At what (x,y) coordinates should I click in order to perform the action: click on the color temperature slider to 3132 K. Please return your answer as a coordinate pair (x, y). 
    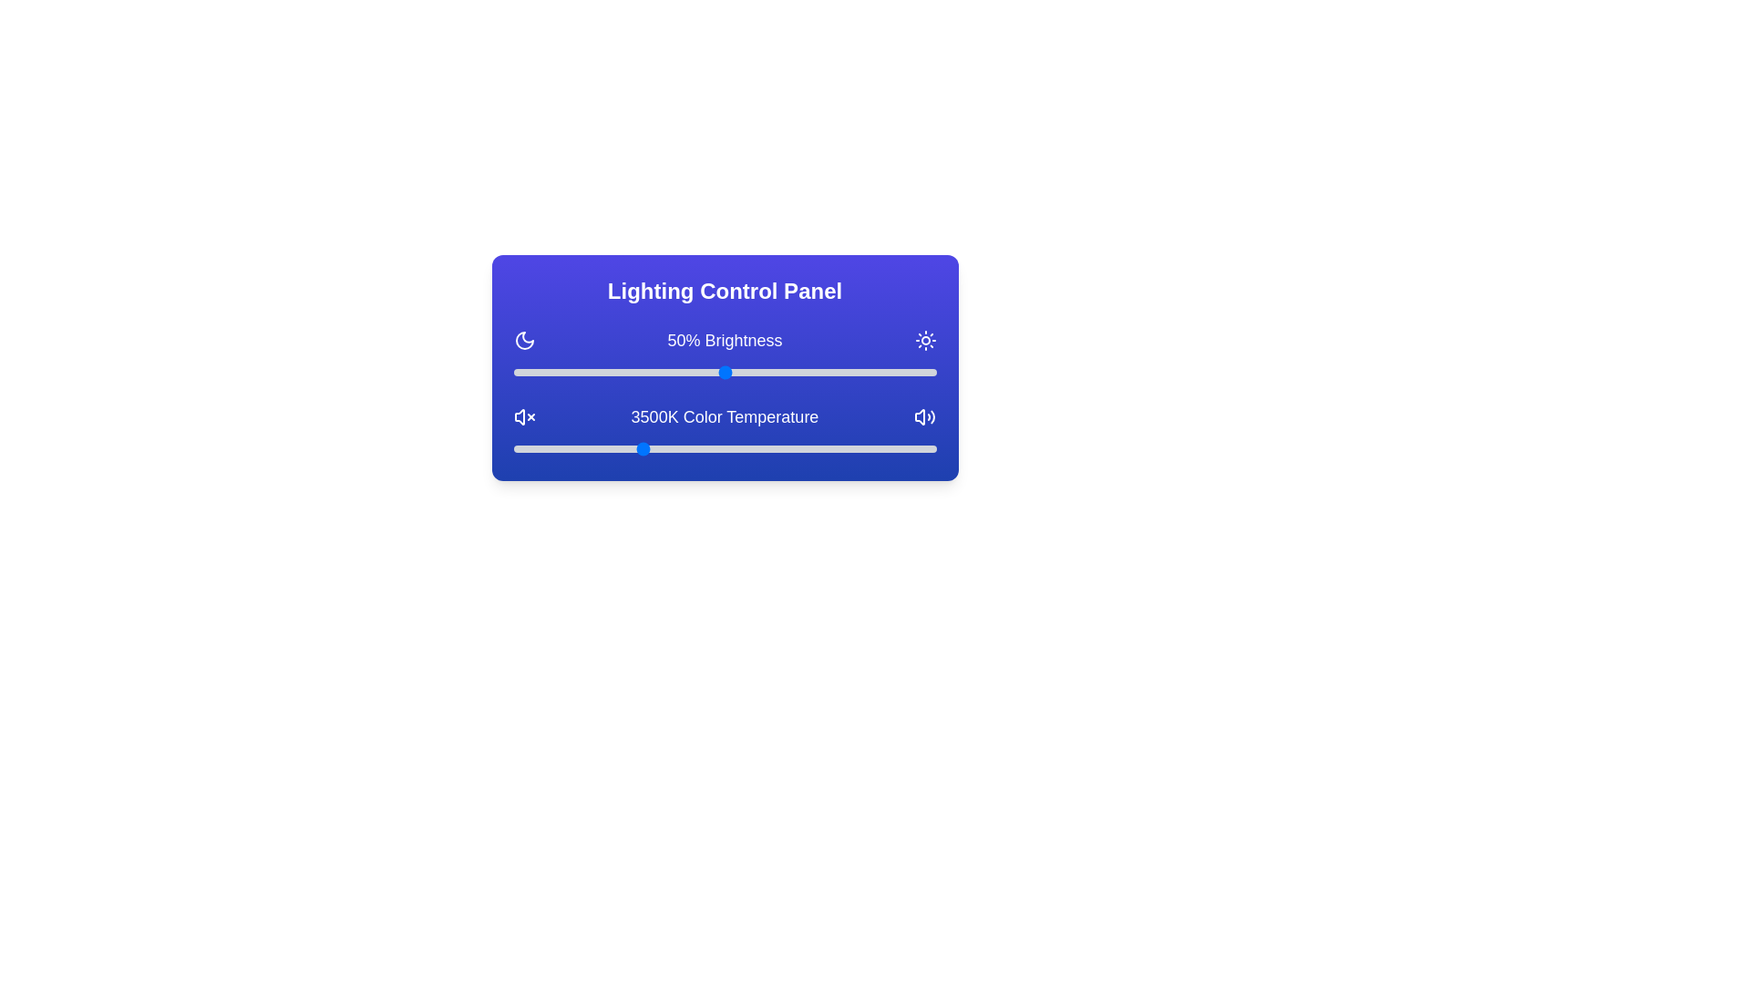
    Looking at the image, I should click on (609, 449).